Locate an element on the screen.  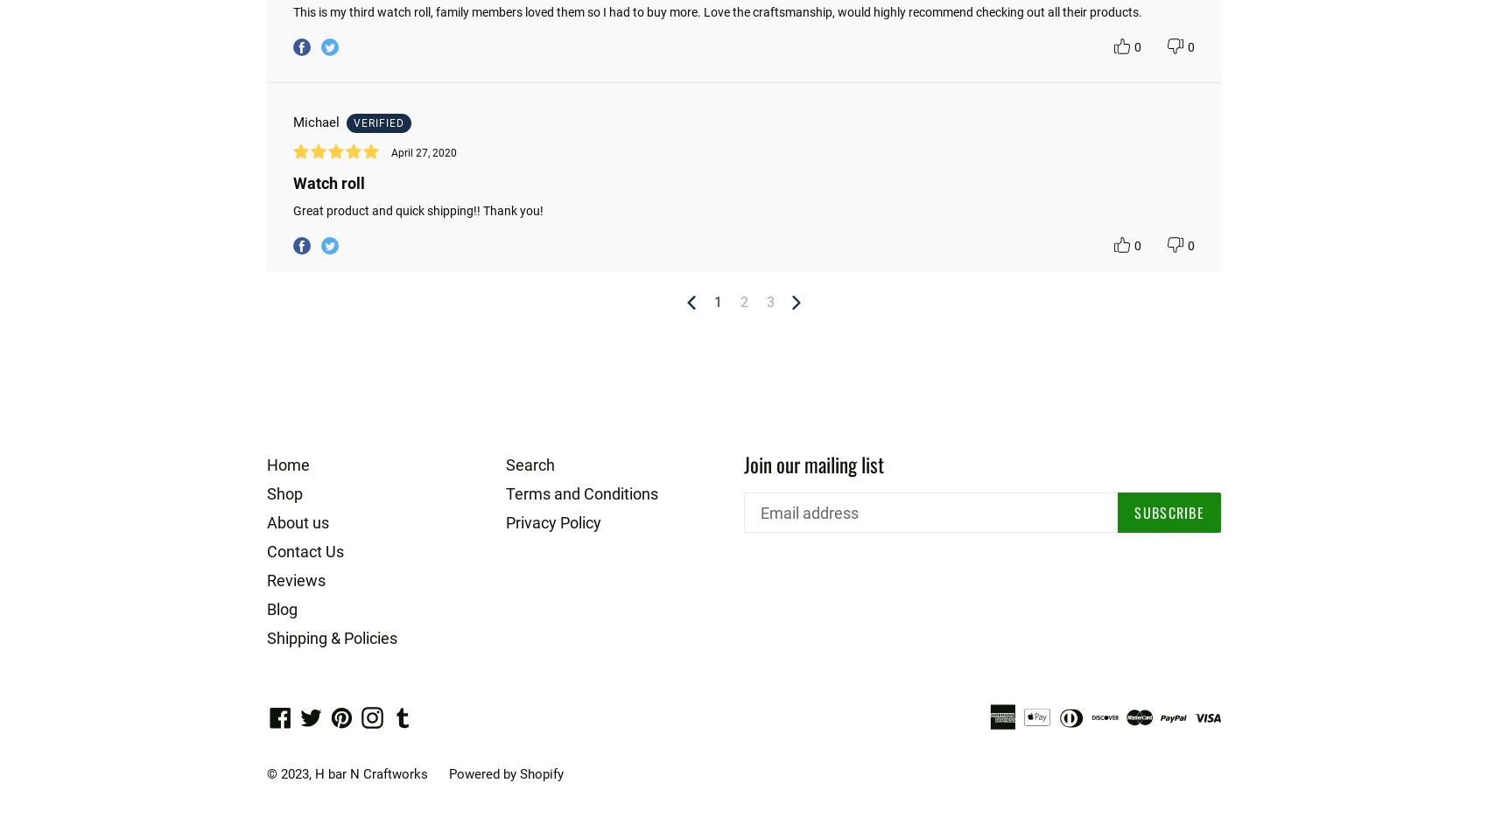
'Shipping & Policies' is located at coordinates (331, 637).